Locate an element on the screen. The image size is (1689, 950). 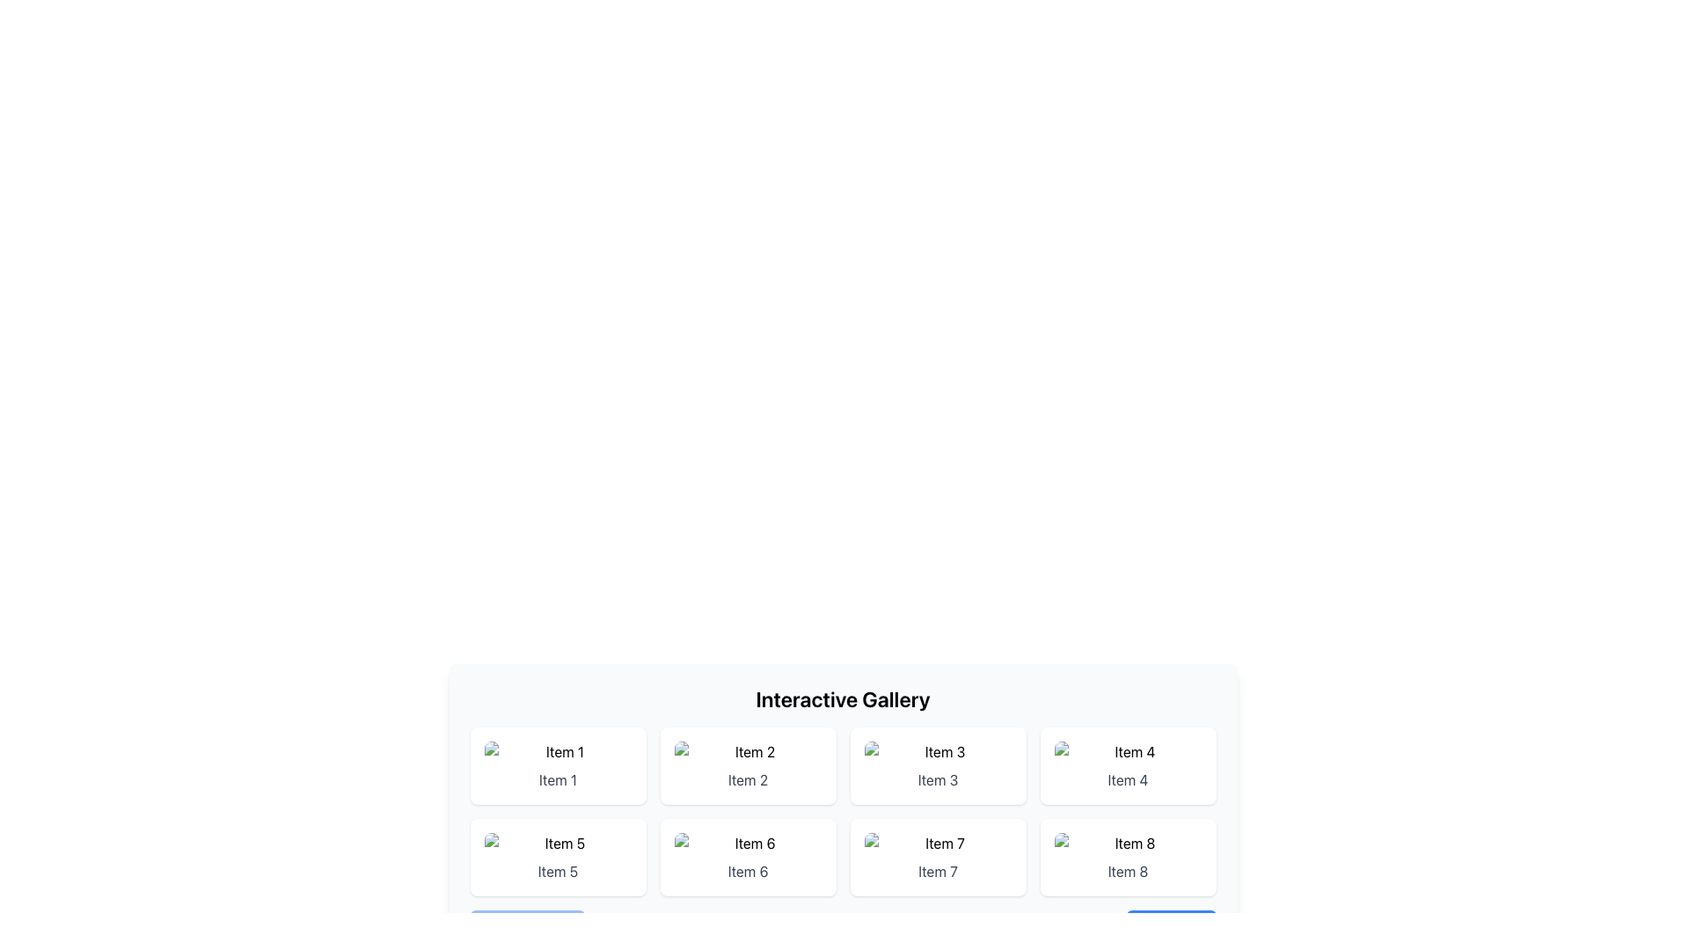
the thumbnail image for 'Item 3' in the Interactive Gallery is located at coordinates (937, 752).